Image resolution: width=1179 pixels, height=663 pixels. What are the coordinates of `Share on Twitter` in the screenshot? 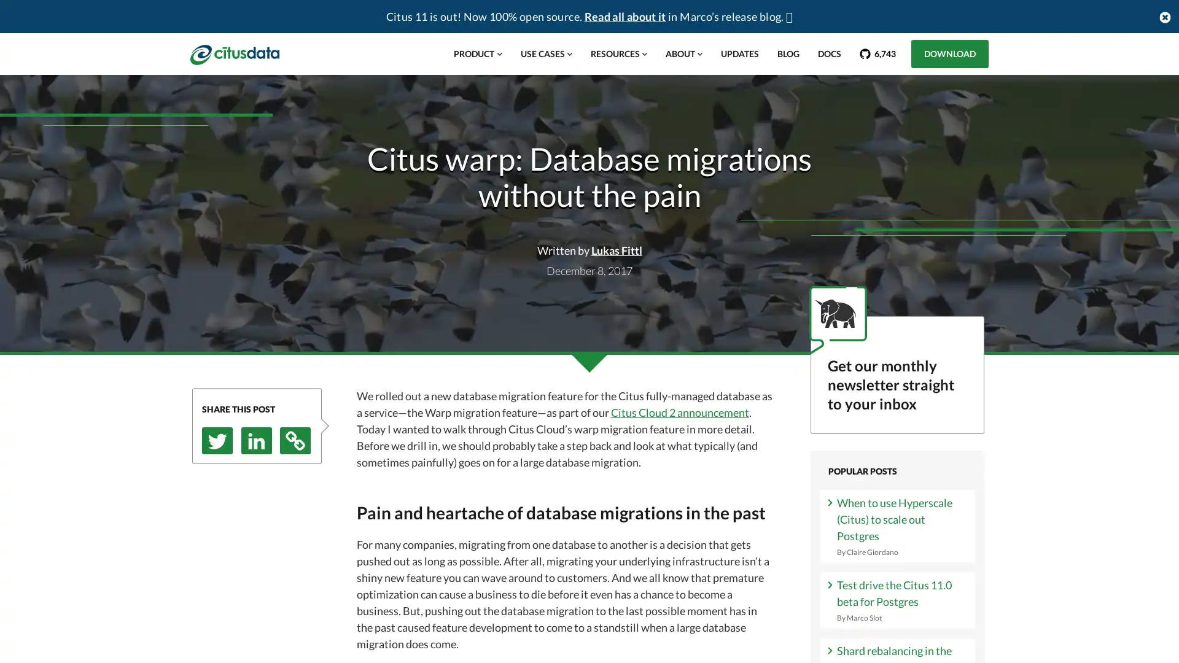 It's located at (217, 440).